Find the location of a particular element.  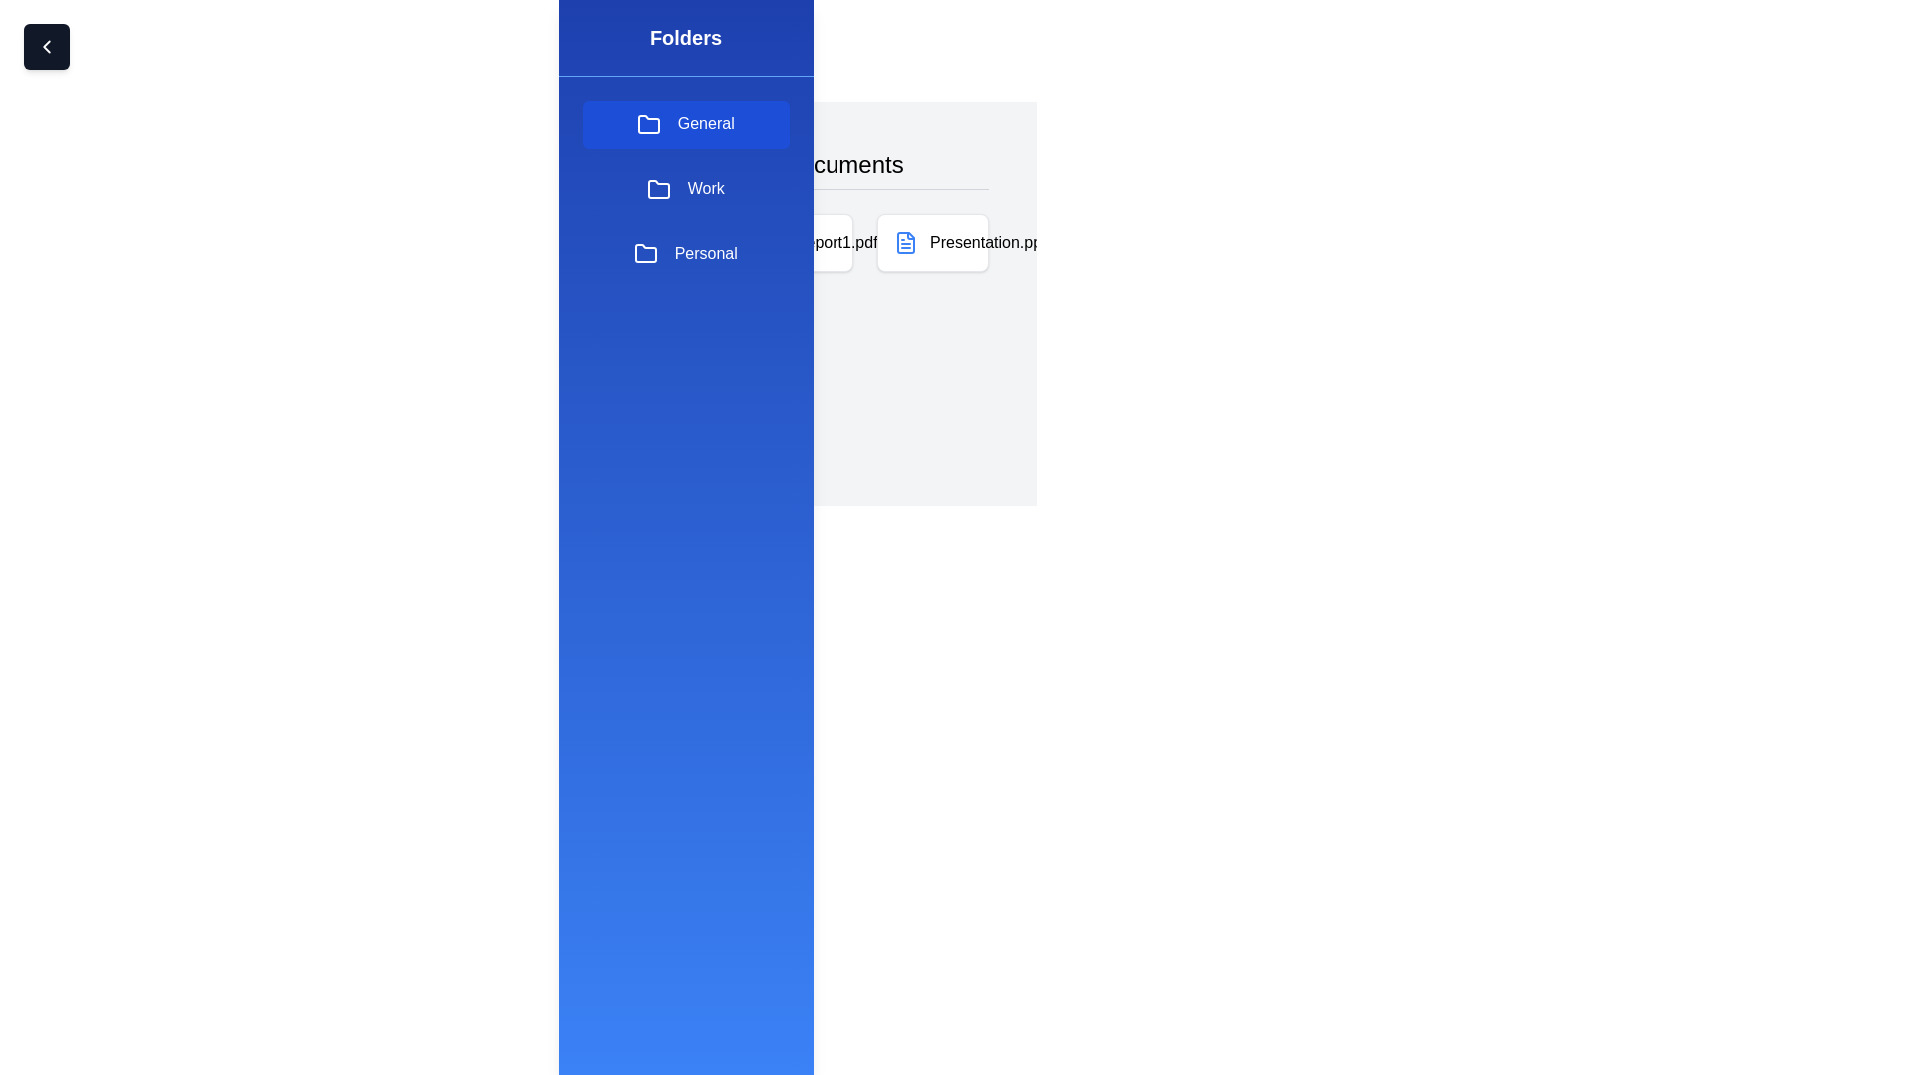

the blue folder icon representing the 'Work' folder in the sidebar menu is located at coordinates (659, 189).